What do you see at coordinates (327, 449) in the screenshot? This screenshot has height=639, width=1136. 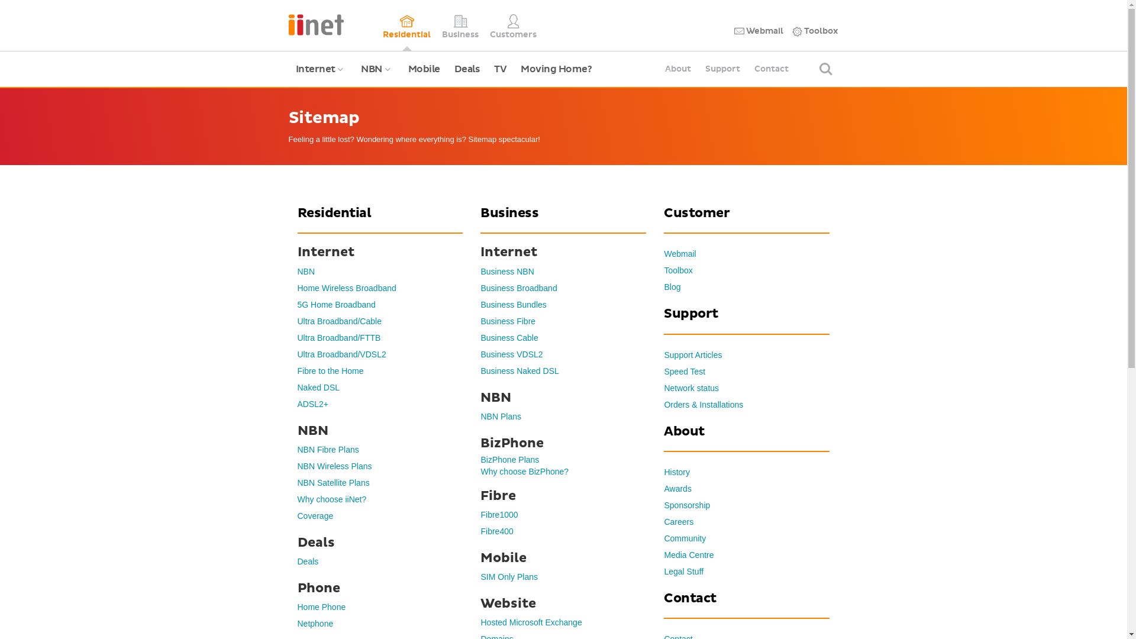 I see `'NBN Fibre Plans'` at bounding box center [327, 449].